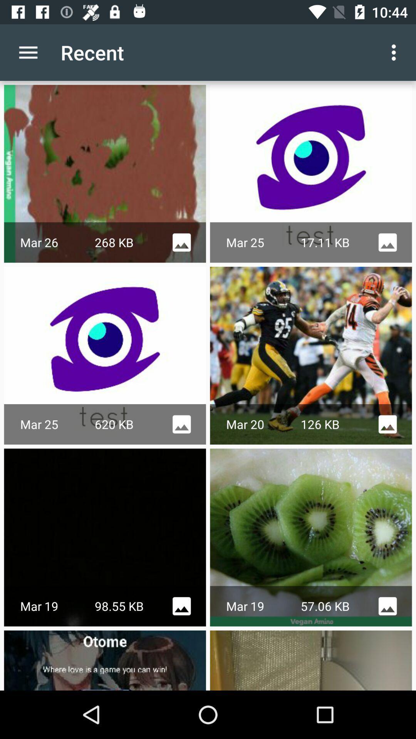  Describe the element at coordinates (396, 52) in the screenshot. I see `the app next to the recent` at that location.